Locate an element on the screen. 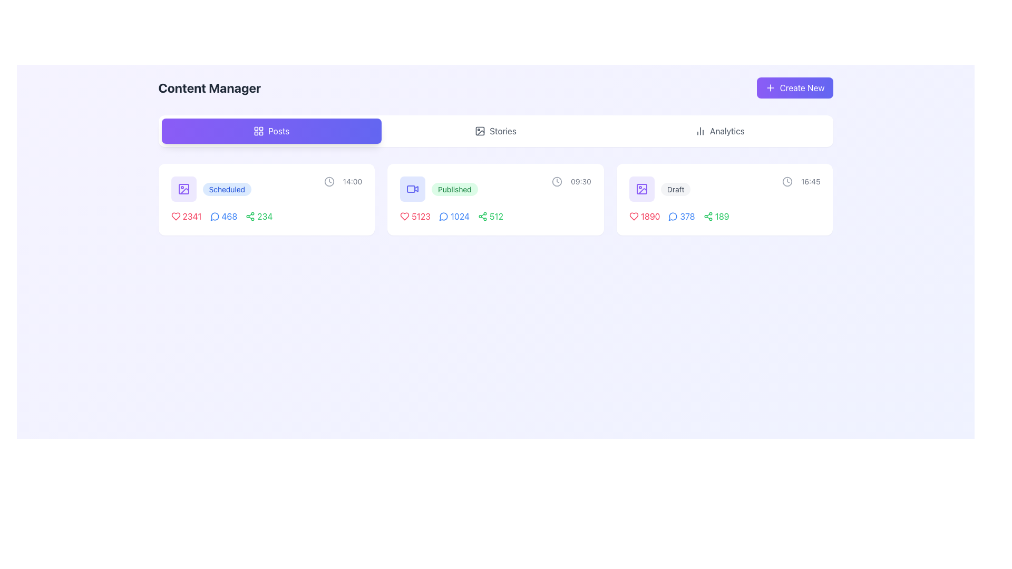  the 'Posts' text label, which is displayed in white on a vibrant gradient purple background, located near the center of the navigation bar is located at coordinates (279, 131).